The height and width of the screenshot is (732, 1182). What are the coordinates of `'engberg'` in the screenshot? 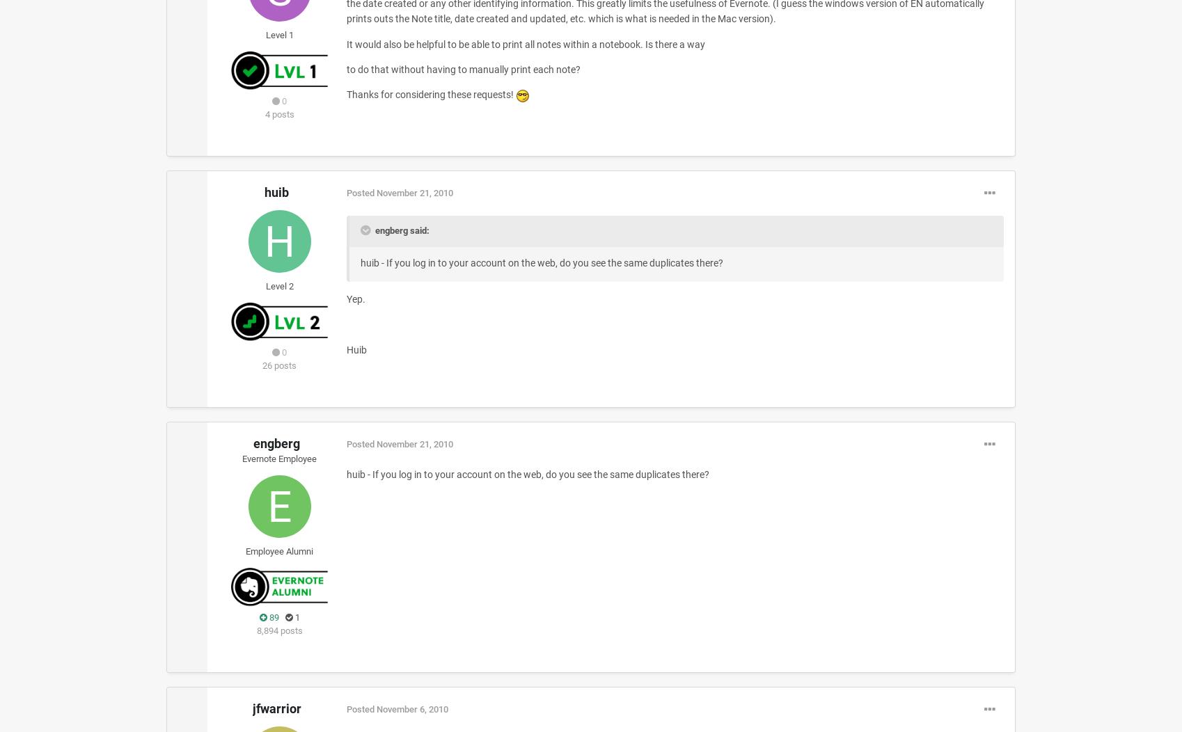 It's located at (276, 443).